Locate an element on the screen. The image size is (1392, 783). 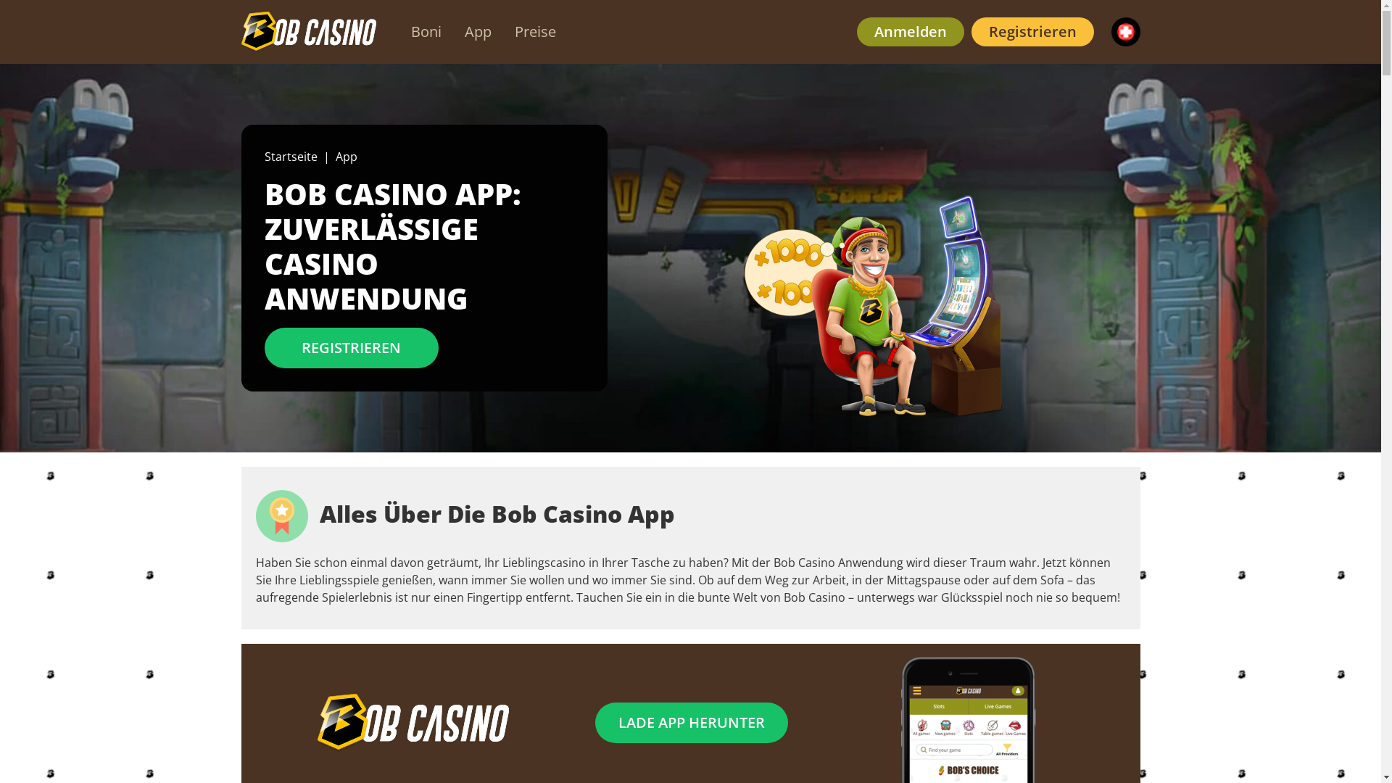
'Startseite' is located at coordinates (290, 157).